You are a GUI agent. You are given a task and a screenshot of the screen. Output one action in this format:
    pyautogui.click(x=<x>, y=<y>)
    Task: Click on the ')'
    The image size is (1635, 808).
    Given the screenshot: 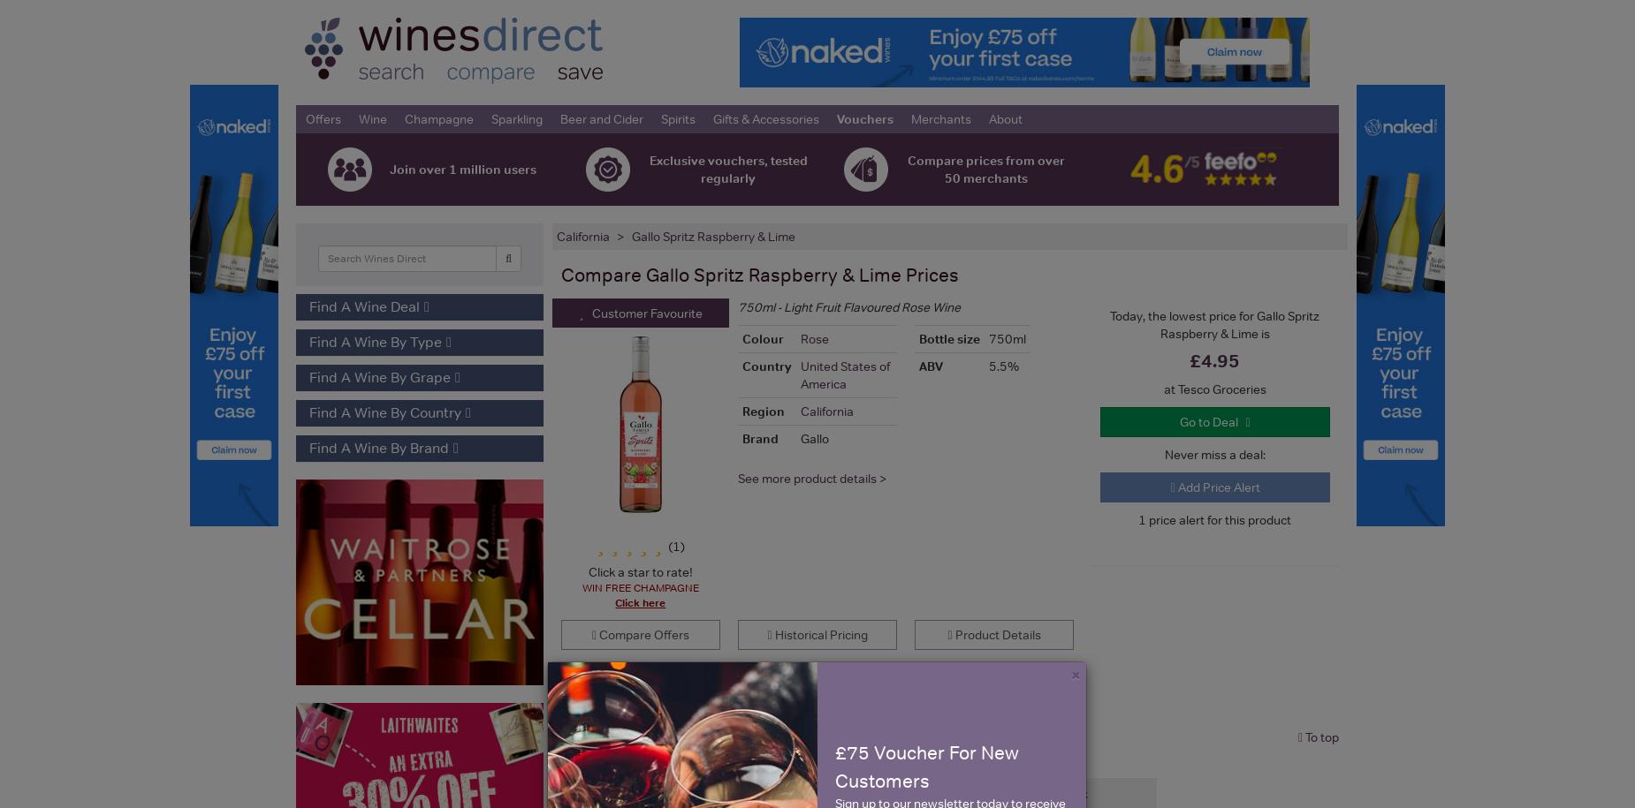 What is the action you would take?
    pyautogui.click(x=680, y=545)
    